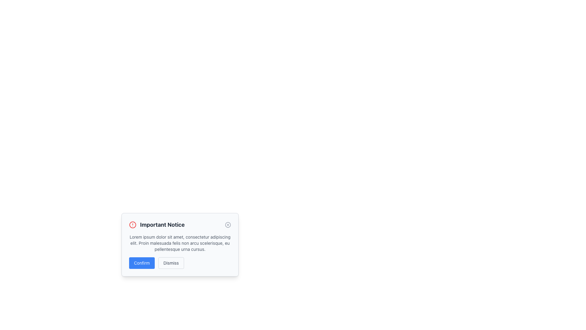 Image resolution: width=586 pixels, height=330 pixels. What do you see at coordinates (141, 262) in the screenshot?
I see `the 'Confirm' button located in the dialog box titled 'Important Notice', which is positioned to the left of the 'Dismiss' button` at bounding box center [141, 262].